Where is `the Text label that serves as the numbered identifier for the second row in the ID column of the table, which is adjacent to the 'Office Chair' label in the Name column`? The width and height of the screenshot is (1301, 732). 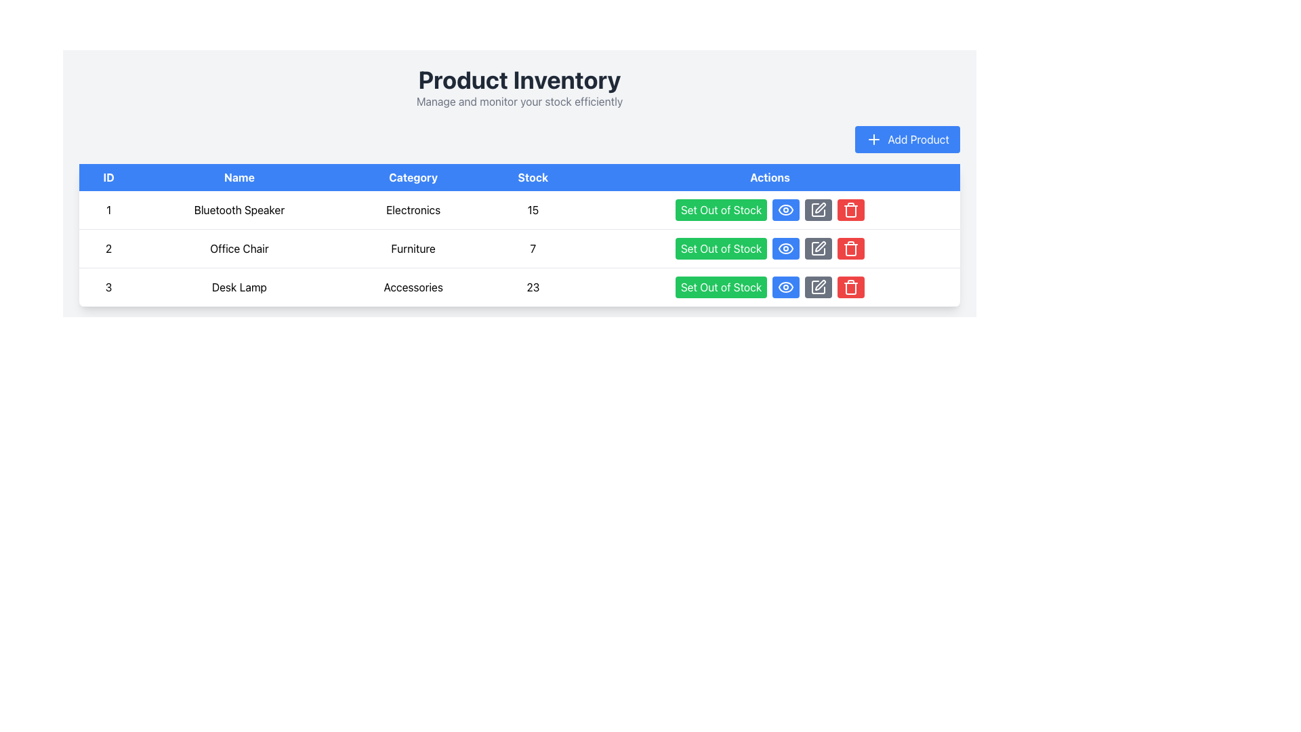
the Text label that serves as the numbered identifier for the second row in the ID column of the table, which is adjacent to the 'Office Chair' label in the Name column is located at coordinates (108, 248).